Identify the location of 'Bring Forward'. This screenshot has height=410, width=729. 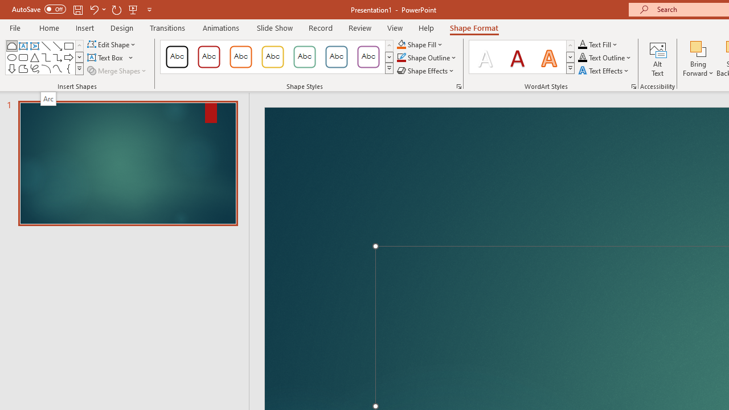
(698, 59).